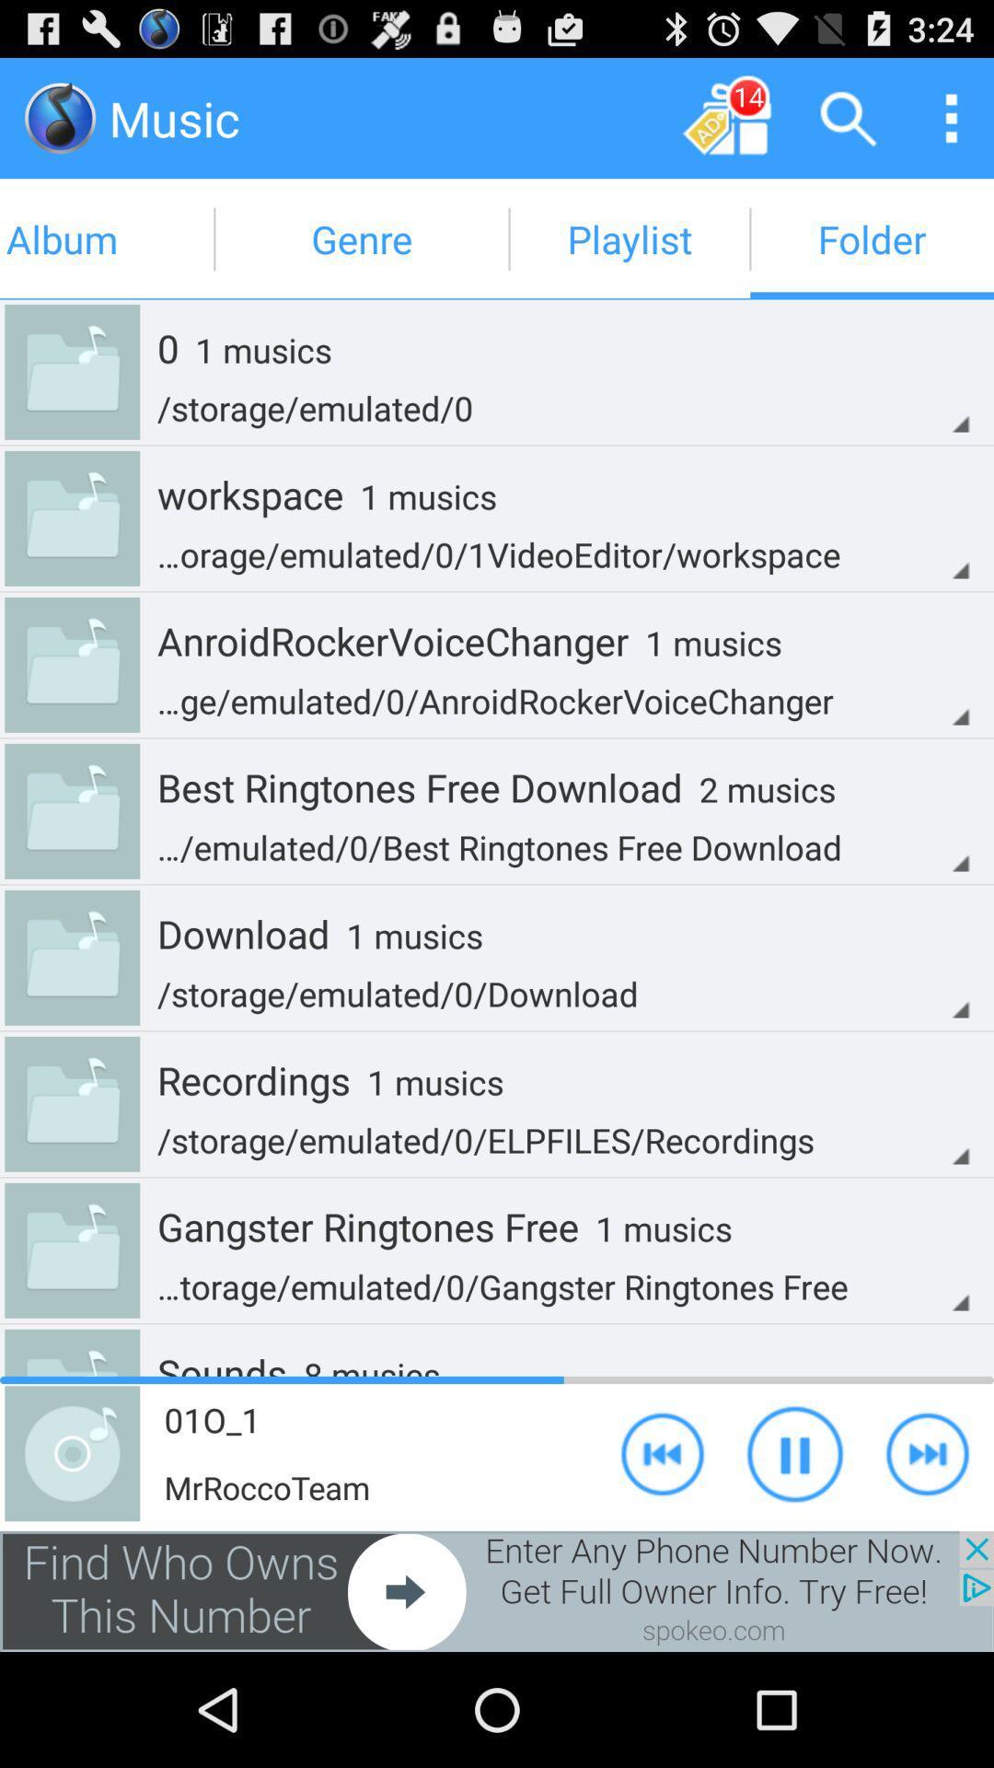  What do you see at coordinates (849, 117) in the screenshot?
I see `search` at bounding box center [849, 117].